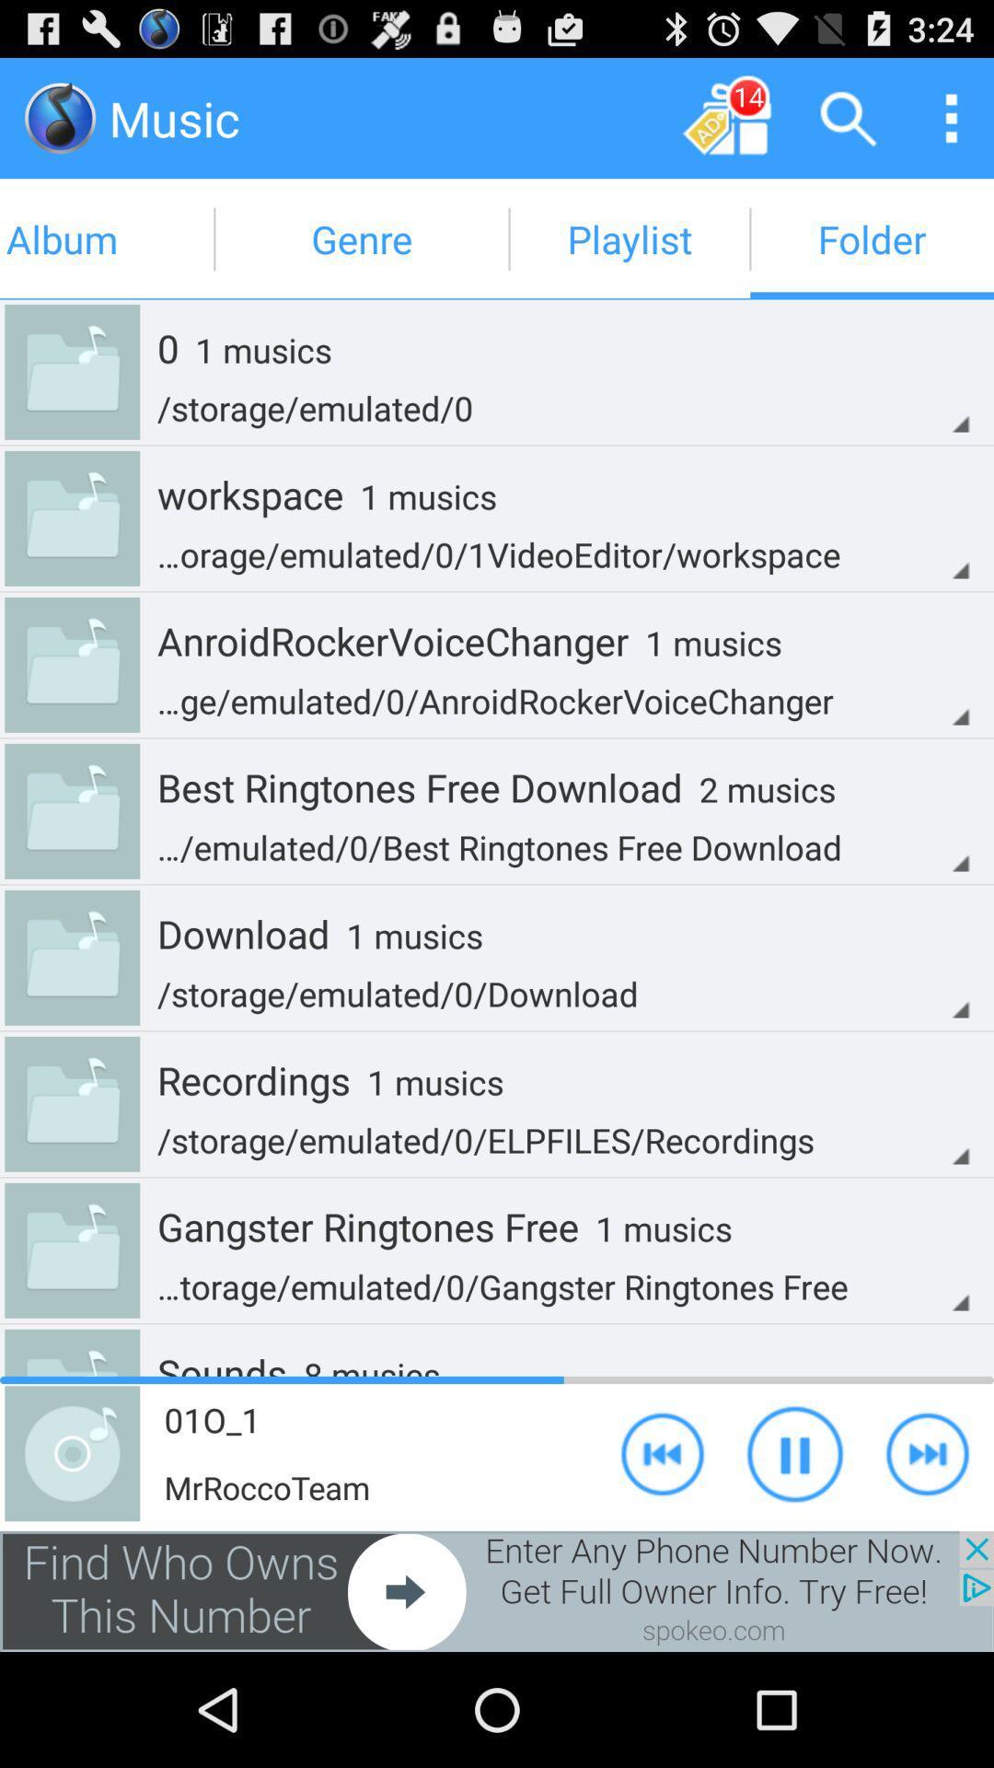  What do you see at coordinates (849, 117) in the screenshot?
I see `search` at bounding box center [849, 117].